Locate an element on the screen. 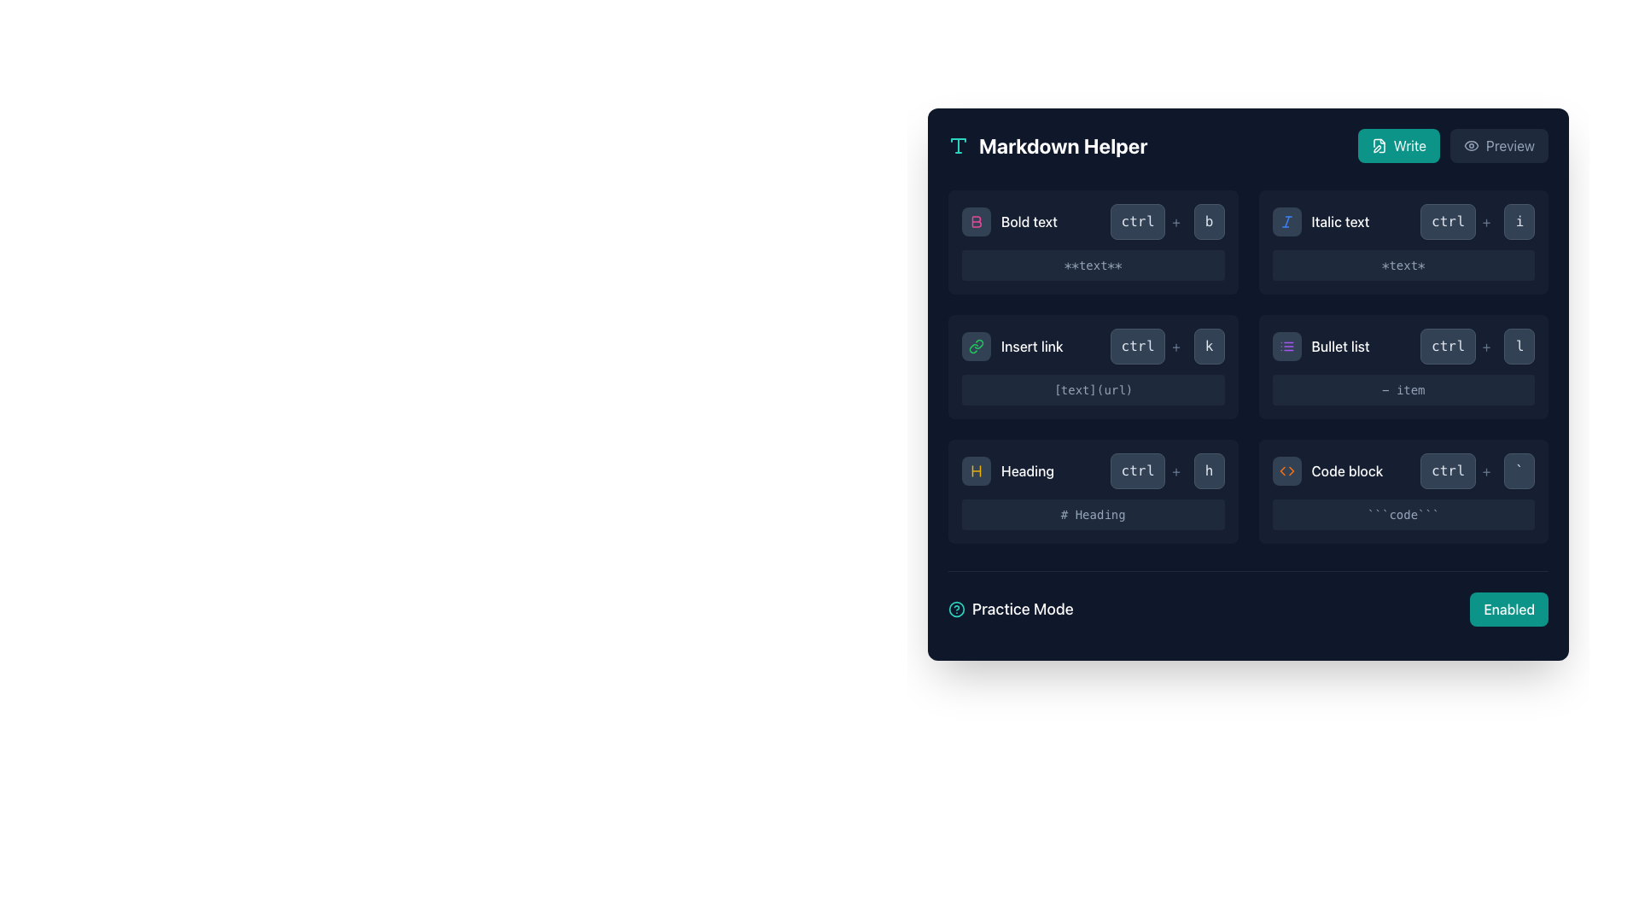  the button-style label element displaying 'ctrl' that represents a keyboard shortcut for the Bullet list function is located at coordinates (1447, 346).